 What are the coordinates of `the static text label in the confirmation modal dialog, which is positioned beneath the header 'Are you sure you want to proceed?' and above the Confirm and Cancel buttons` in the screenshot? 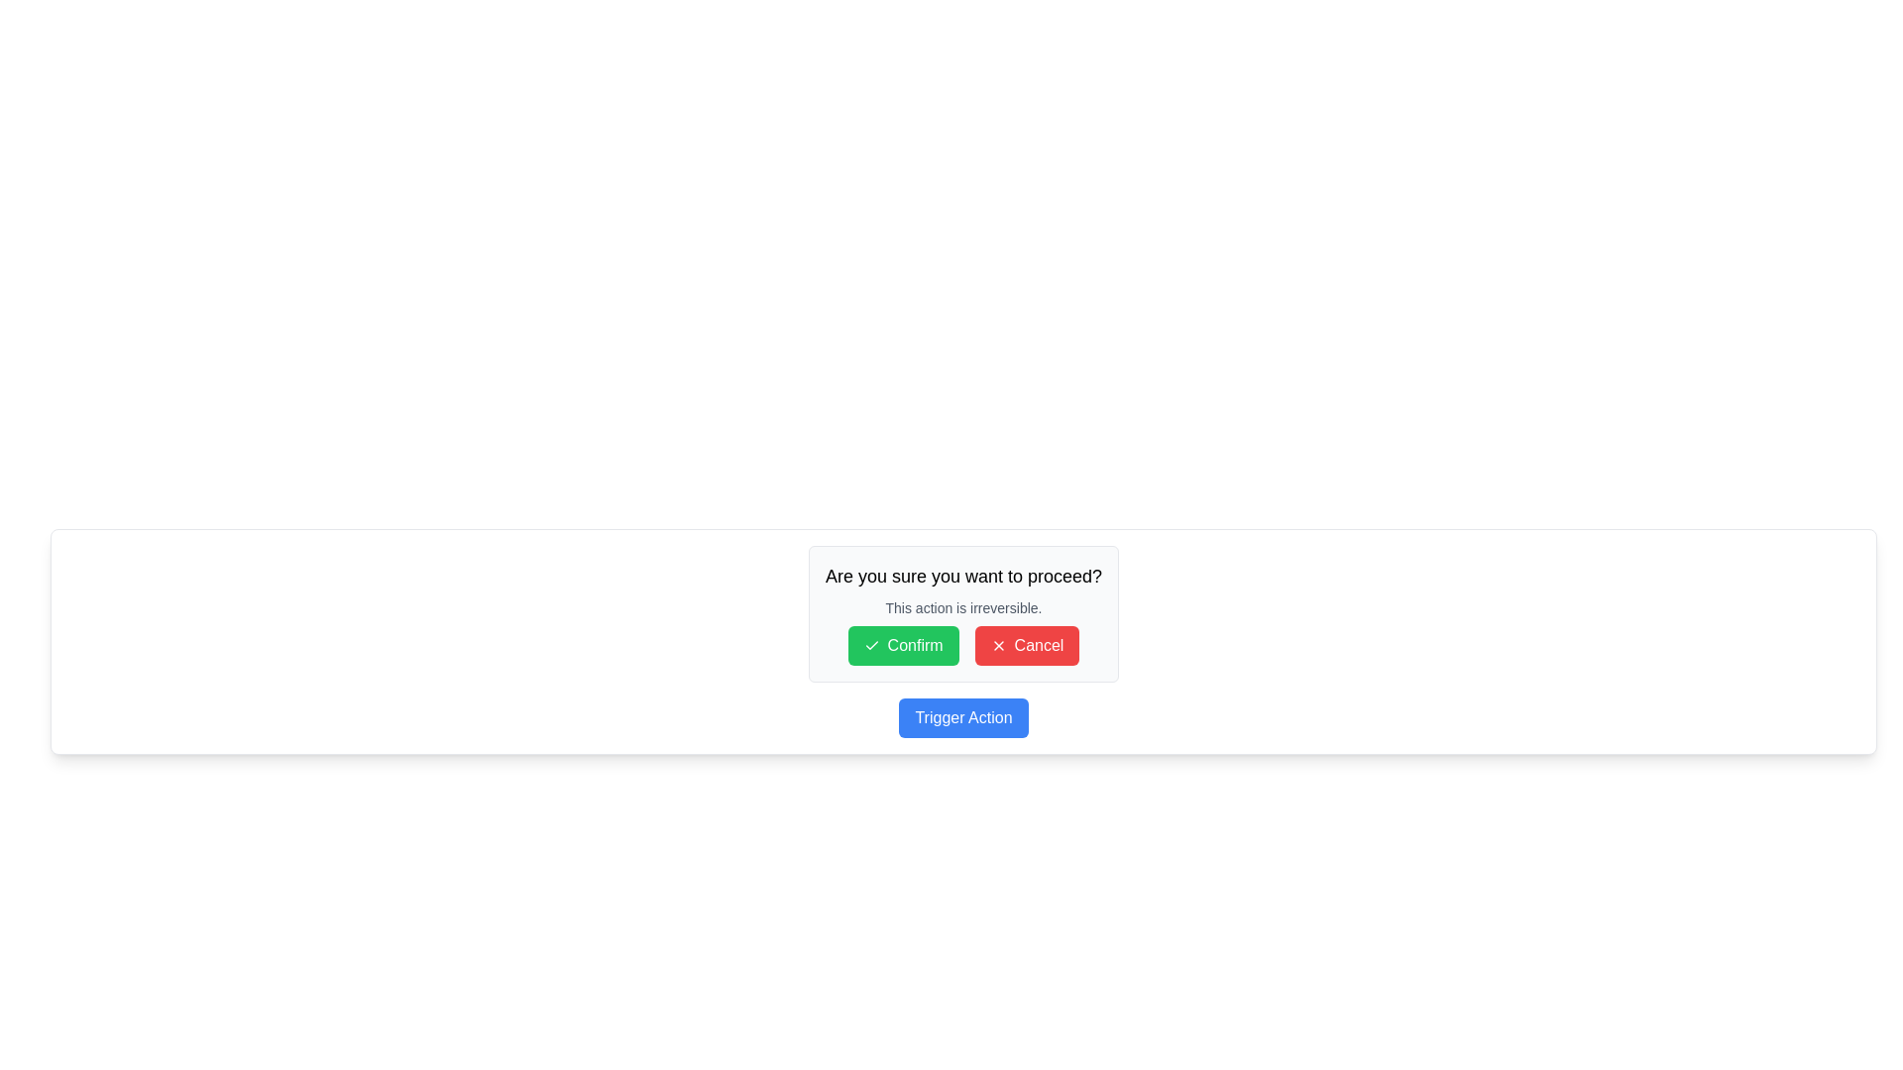 It's located at (963, 606).